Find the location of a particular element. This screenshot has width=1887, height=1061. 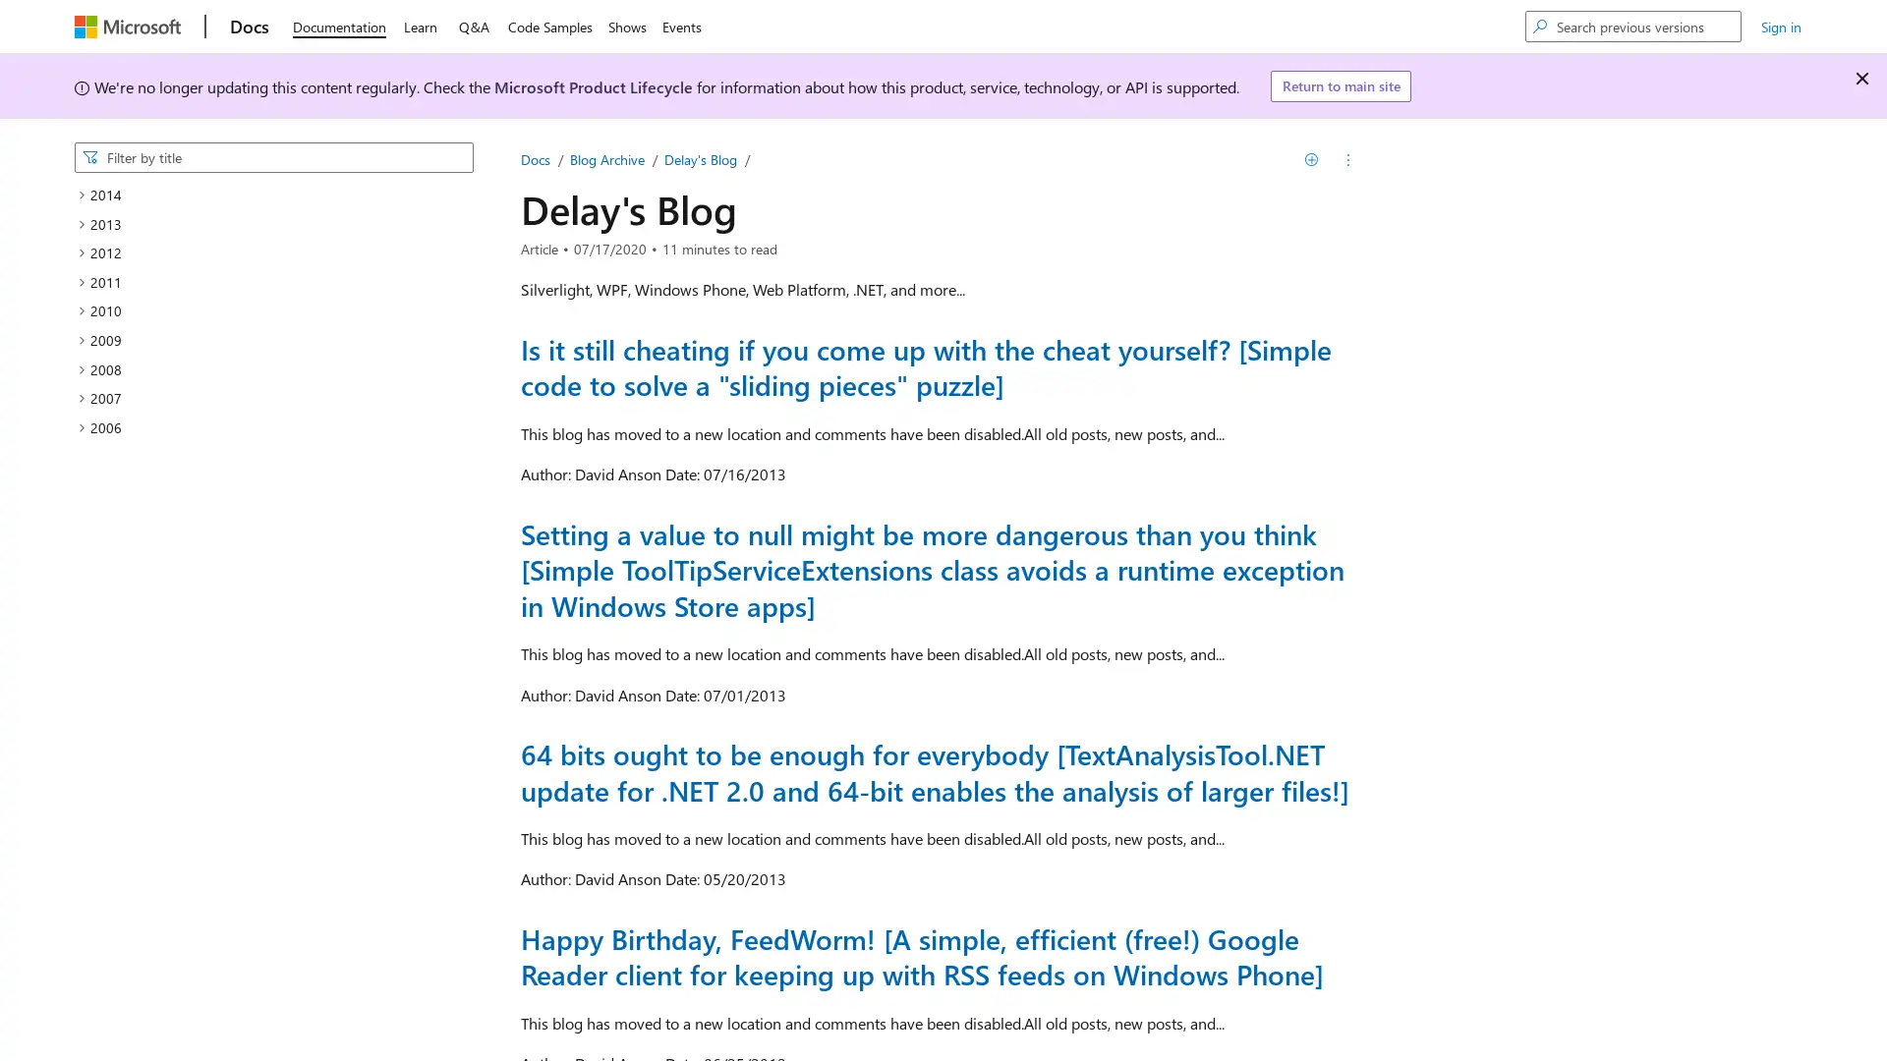

Save is located at coordinates (1311, 158).